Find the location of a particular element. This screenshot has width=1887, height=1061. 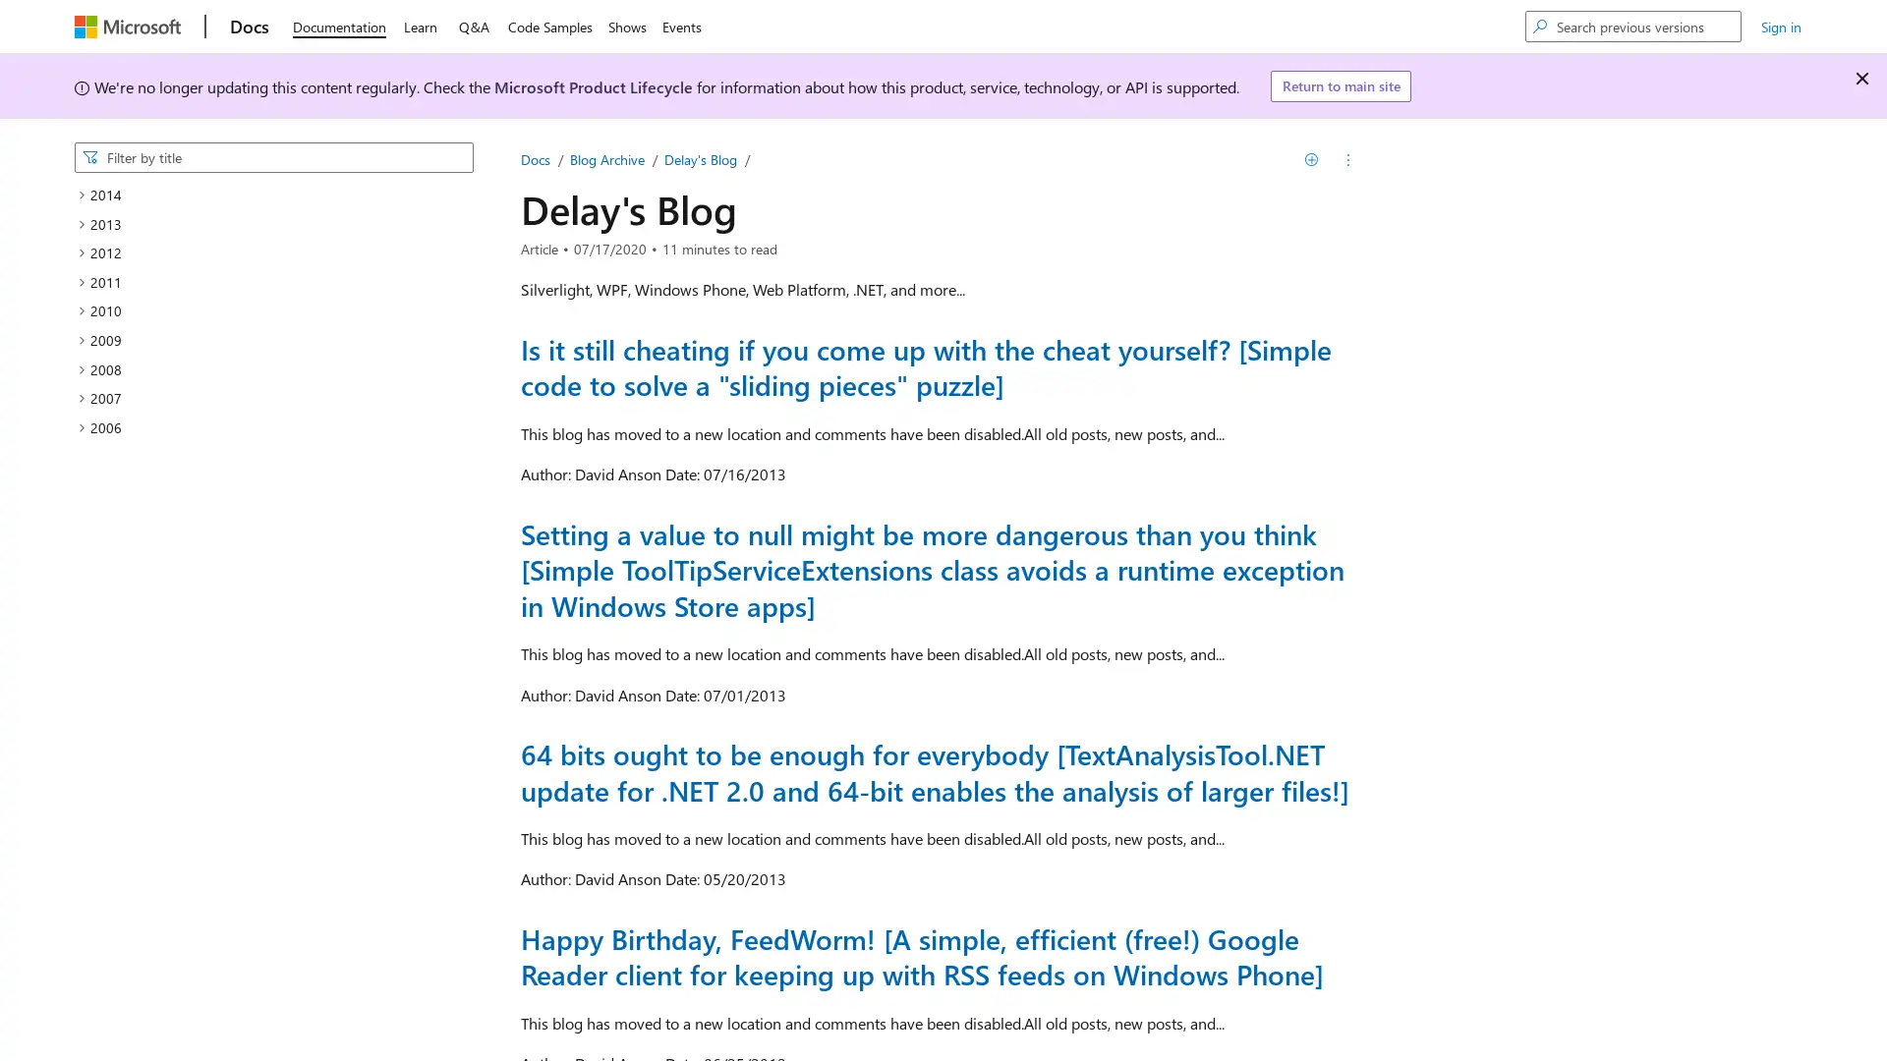

Save is located at coordinates (1311, 158).